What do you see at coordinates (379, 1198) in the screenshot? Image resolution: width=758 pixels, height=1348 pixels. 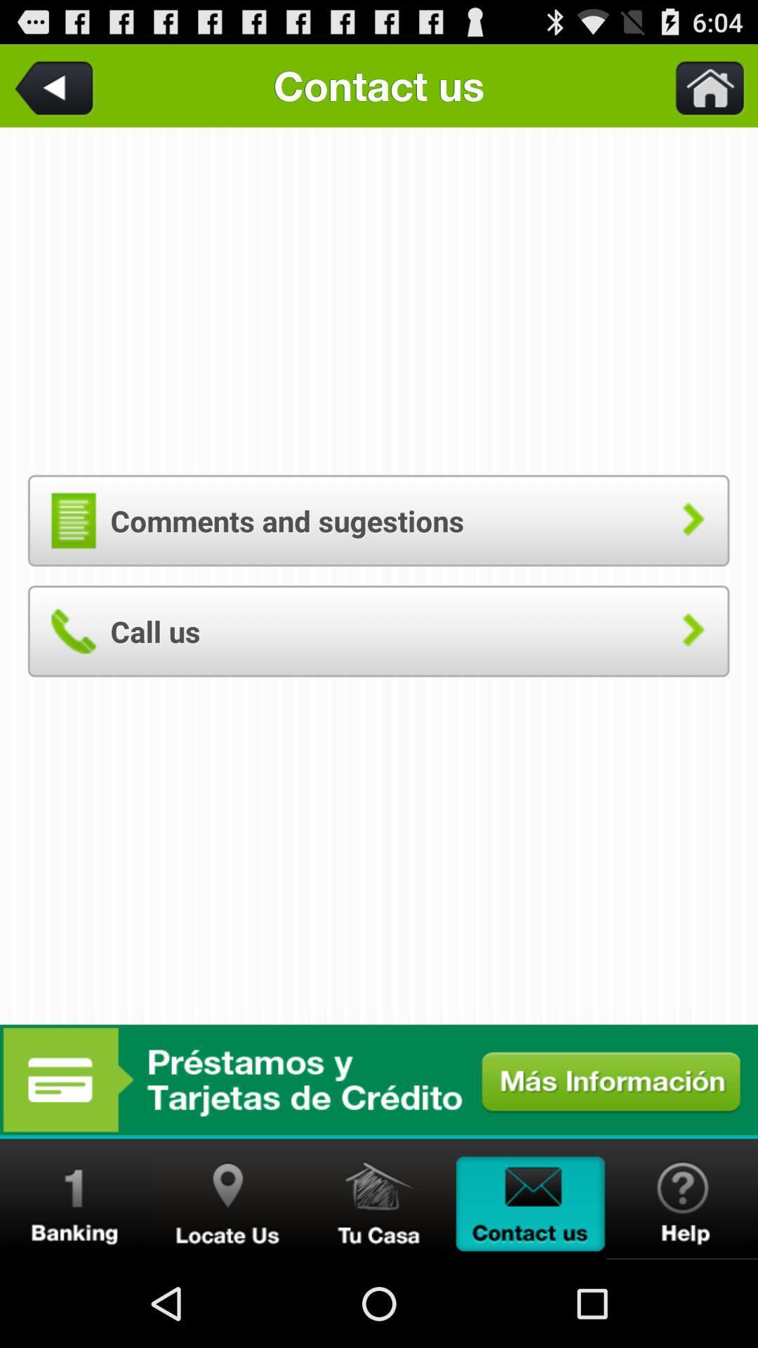 I see `the place to see the location of your house relative to something else` at bounding box center [379, 1198].